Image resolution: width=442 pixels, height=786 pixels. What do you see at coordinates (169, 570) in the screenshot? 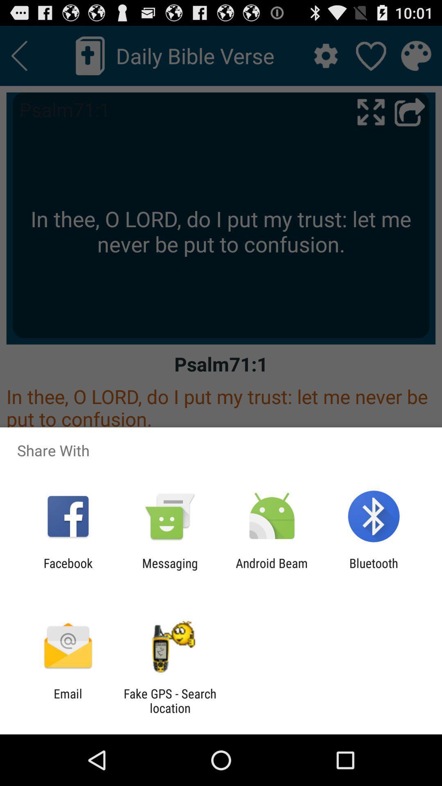
I see `app next to the android beam` at bounding box center [169, 570].